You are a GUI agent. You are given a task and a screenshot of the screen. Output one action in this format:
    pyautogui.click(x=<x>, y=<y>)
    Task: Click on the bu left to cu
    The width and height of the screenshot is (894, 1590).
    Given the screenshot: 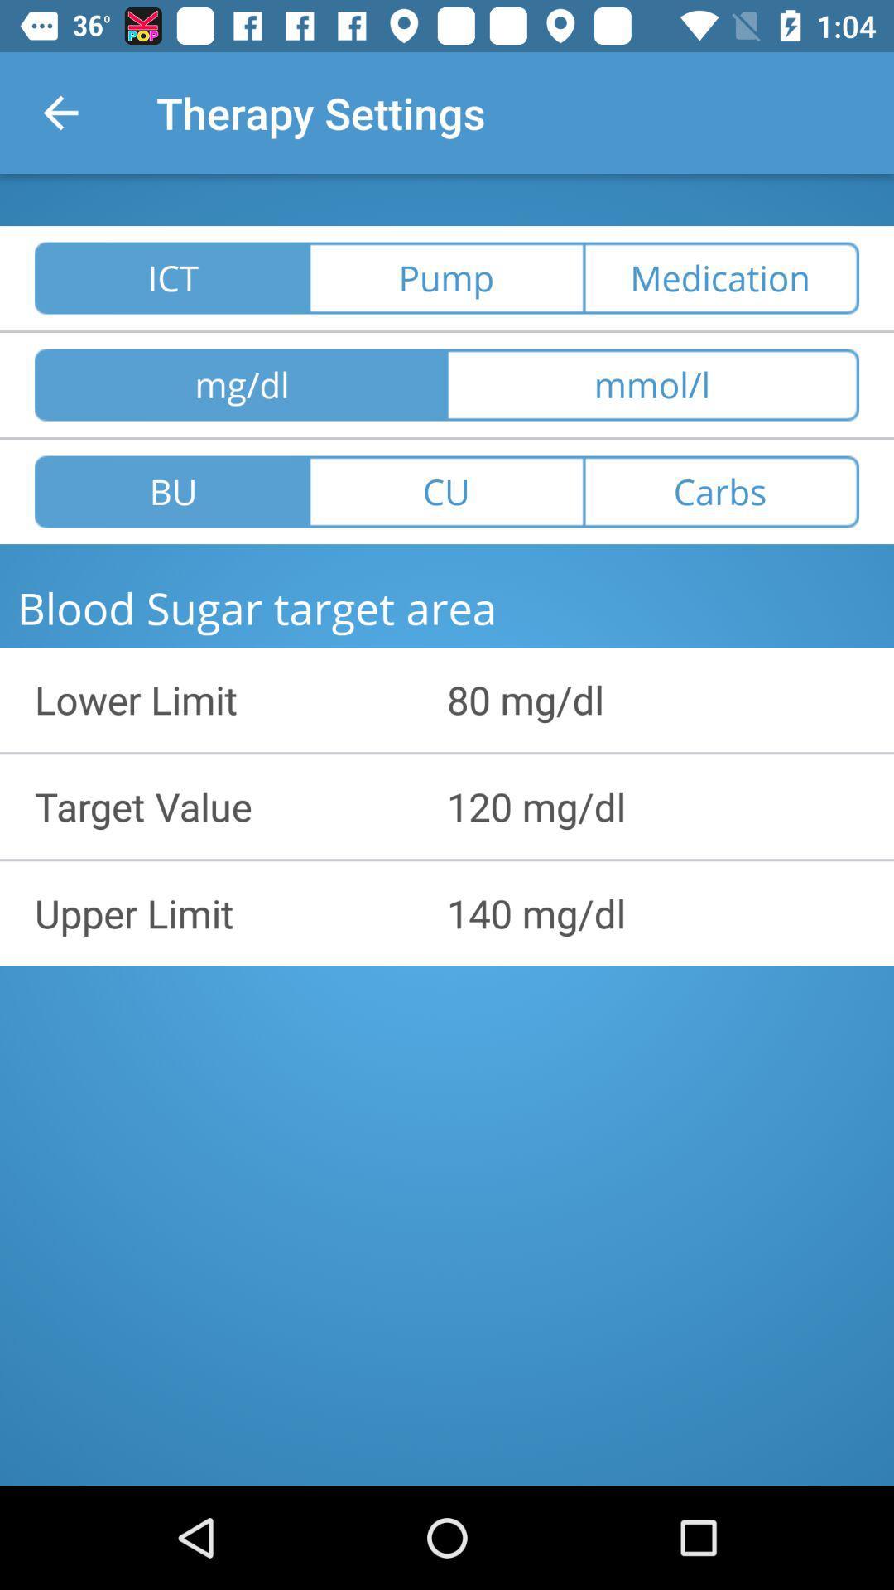 What is the action you would take?
    pyautogui.click(x=172, y=491)
    